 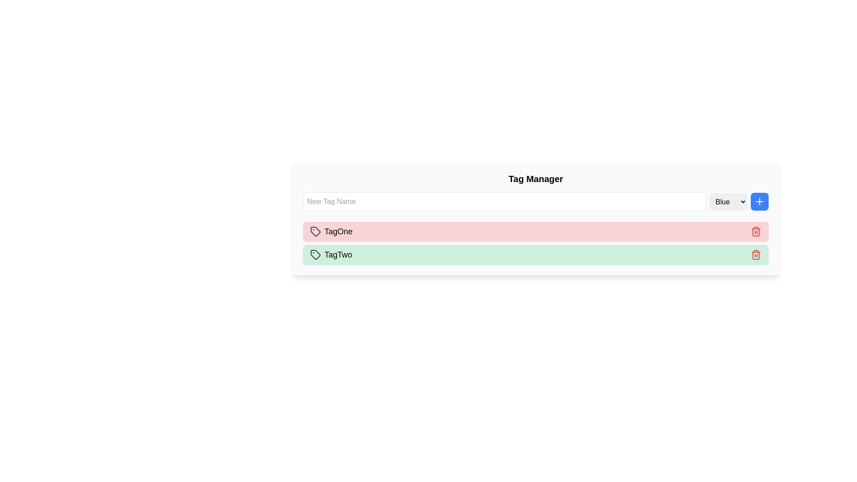 I want to click on the selectable tag labeled 'TagTwo', so click(x=331, y=254).